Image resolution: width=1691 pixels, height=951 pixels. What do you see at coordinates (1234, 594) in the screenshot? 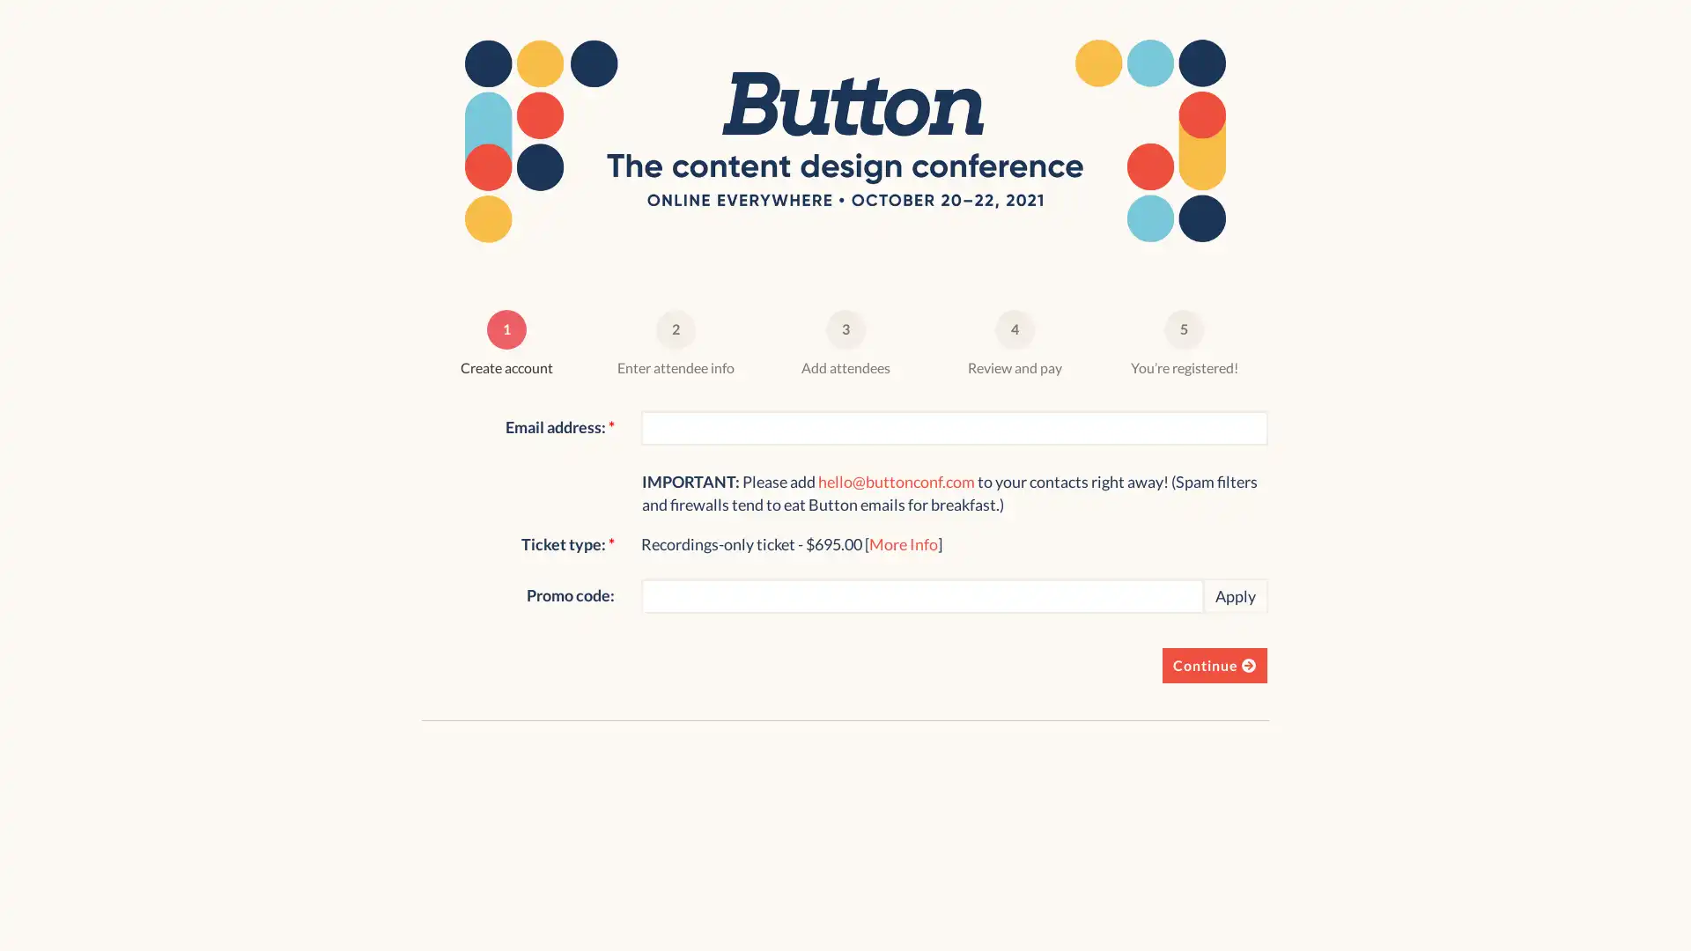
I see `Apply` at bounding box center [1234, 594].